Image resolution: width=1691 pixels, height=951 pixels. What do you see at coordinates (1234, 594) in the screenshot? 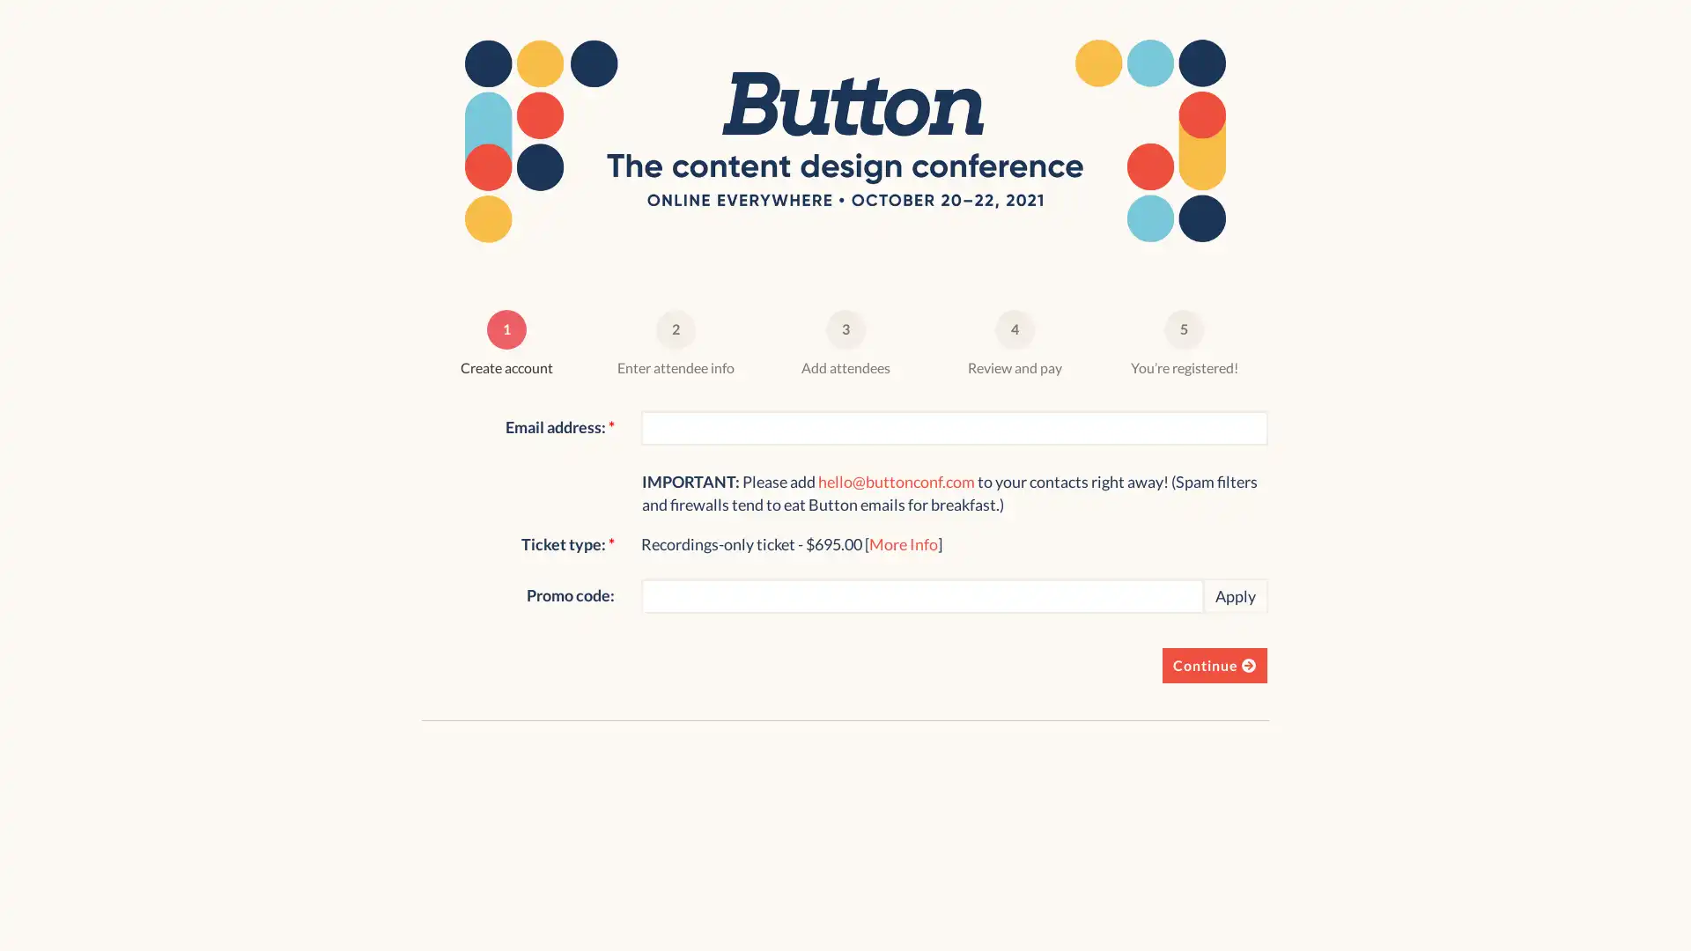
I see `Apply` at bounding box center [1234, 594].